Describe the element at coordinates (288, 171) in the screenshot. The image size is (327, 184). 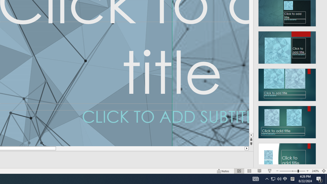
I see `'Zoom Out'` at that location.